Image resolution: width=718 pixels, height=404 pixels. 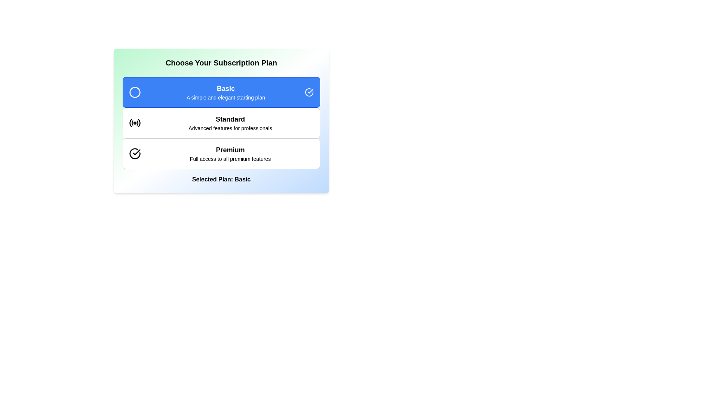 What do you see at coordinates (225, 92) in the screenshot?
I see `the text block that serves as a descriptive label for the 'Basic' subscription plan, which is centrally positioned with a round icon to its left and a checkmark to its right` at bounding box center [225, 92].